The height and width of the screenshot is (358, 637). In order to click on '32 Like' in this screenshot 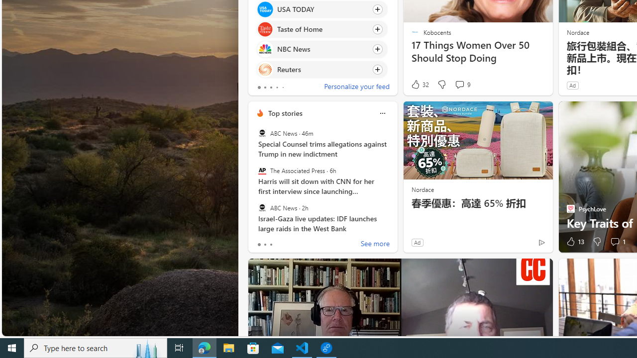, I will do `click(420, 84)`.